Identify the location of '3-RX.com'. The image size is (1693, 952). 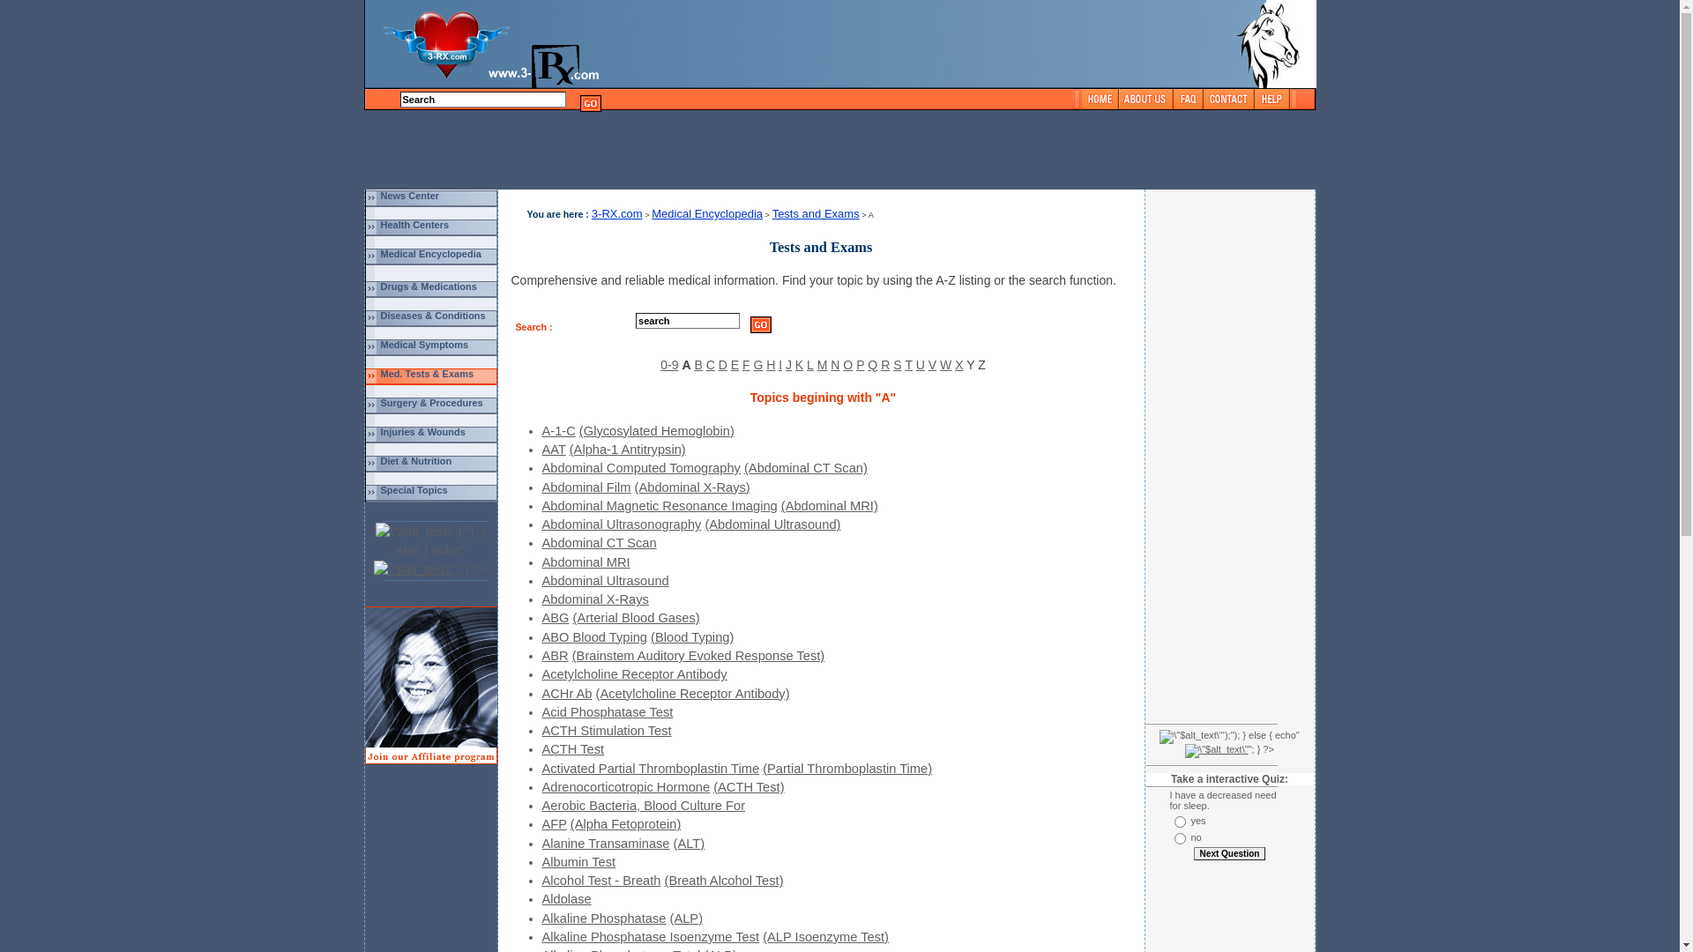
(617, 212).